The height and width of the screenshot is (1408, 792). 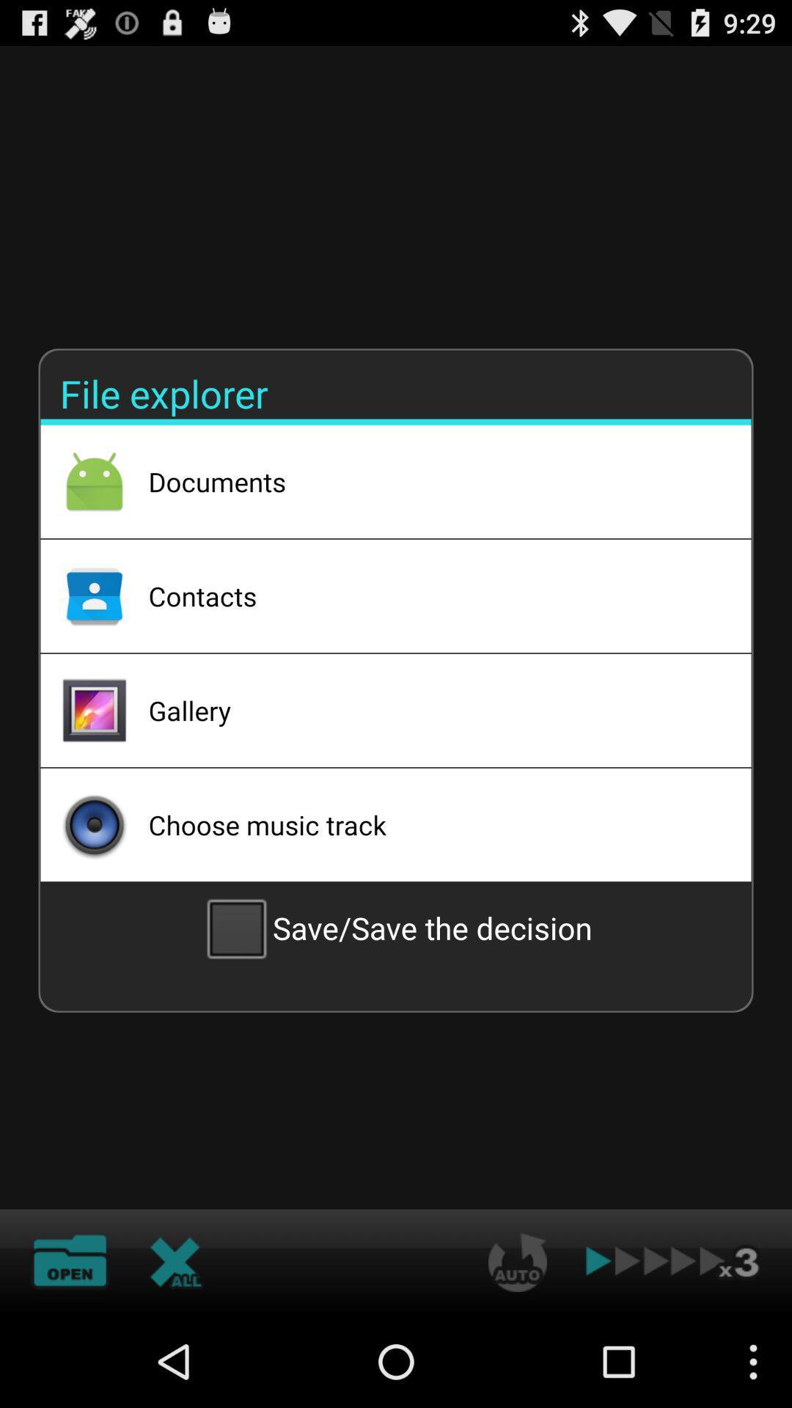 What do you see at coordinates (430, 482) in the screenshot?
I see `the documents app` at bounding box center [430, 482].